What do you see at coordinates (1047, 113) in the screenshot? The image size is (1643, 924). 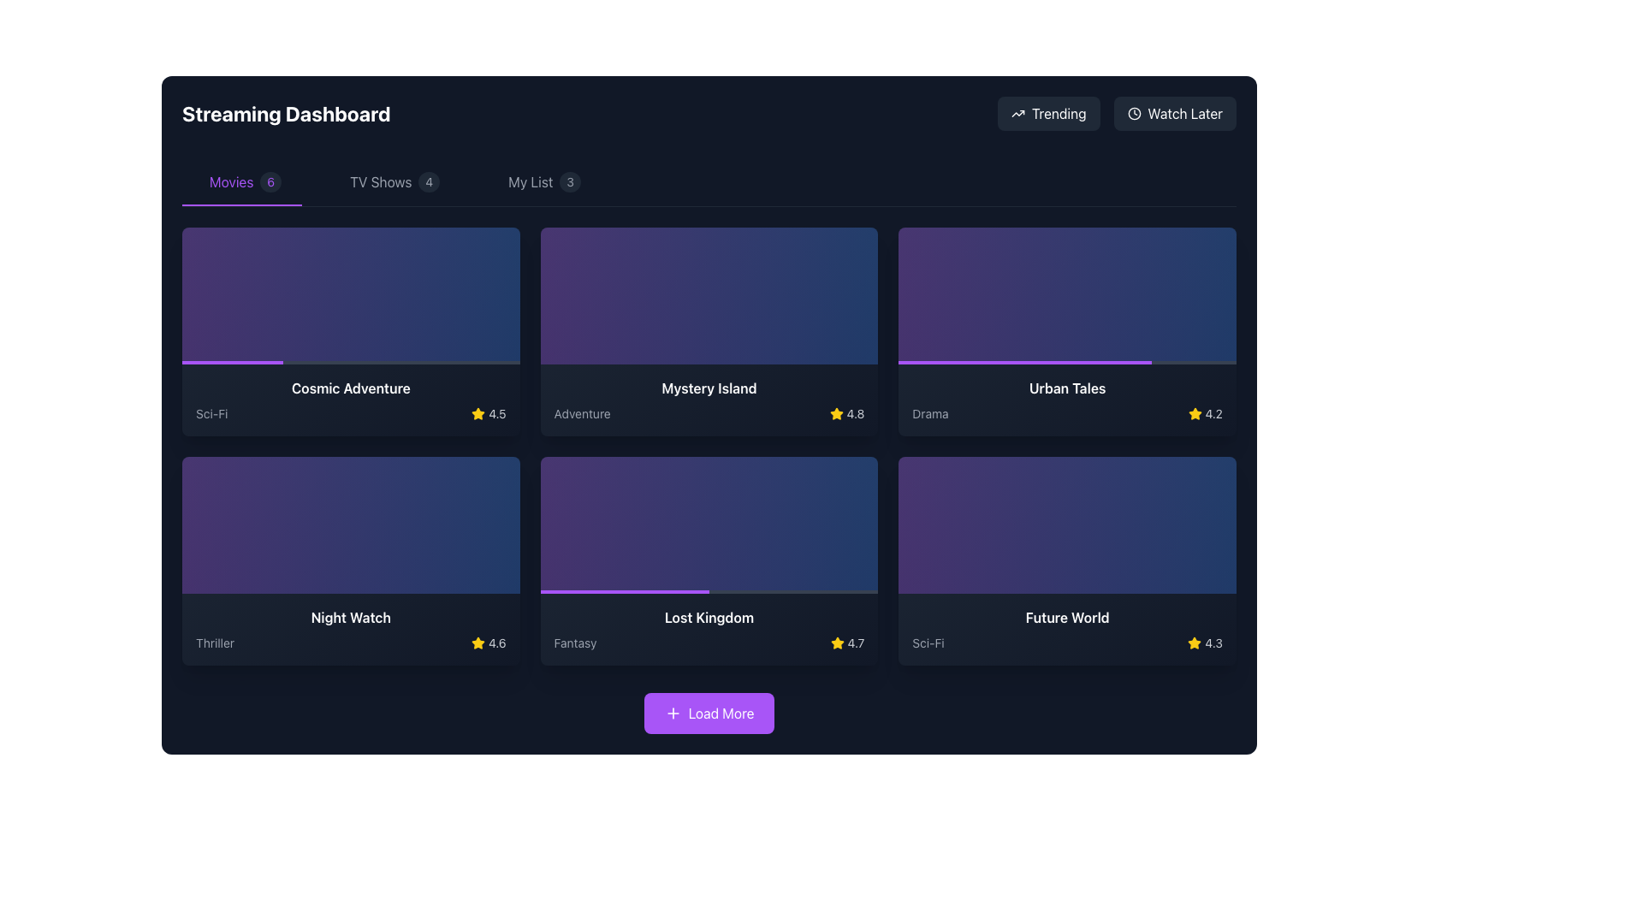 I see `the 'Trending' button located in the top-right navigation bar, which features a line graph icon and the label 'Trending' in white font` at bounding box center [1047, 113].